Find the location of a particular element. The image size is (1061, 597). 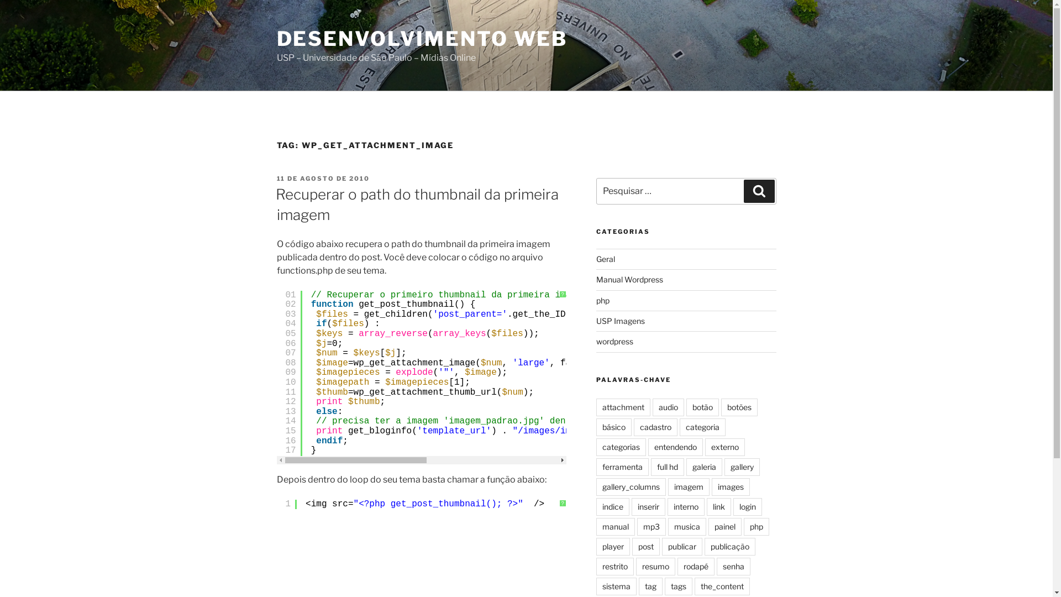

'entendendo' is located at coordinates (675, 447).